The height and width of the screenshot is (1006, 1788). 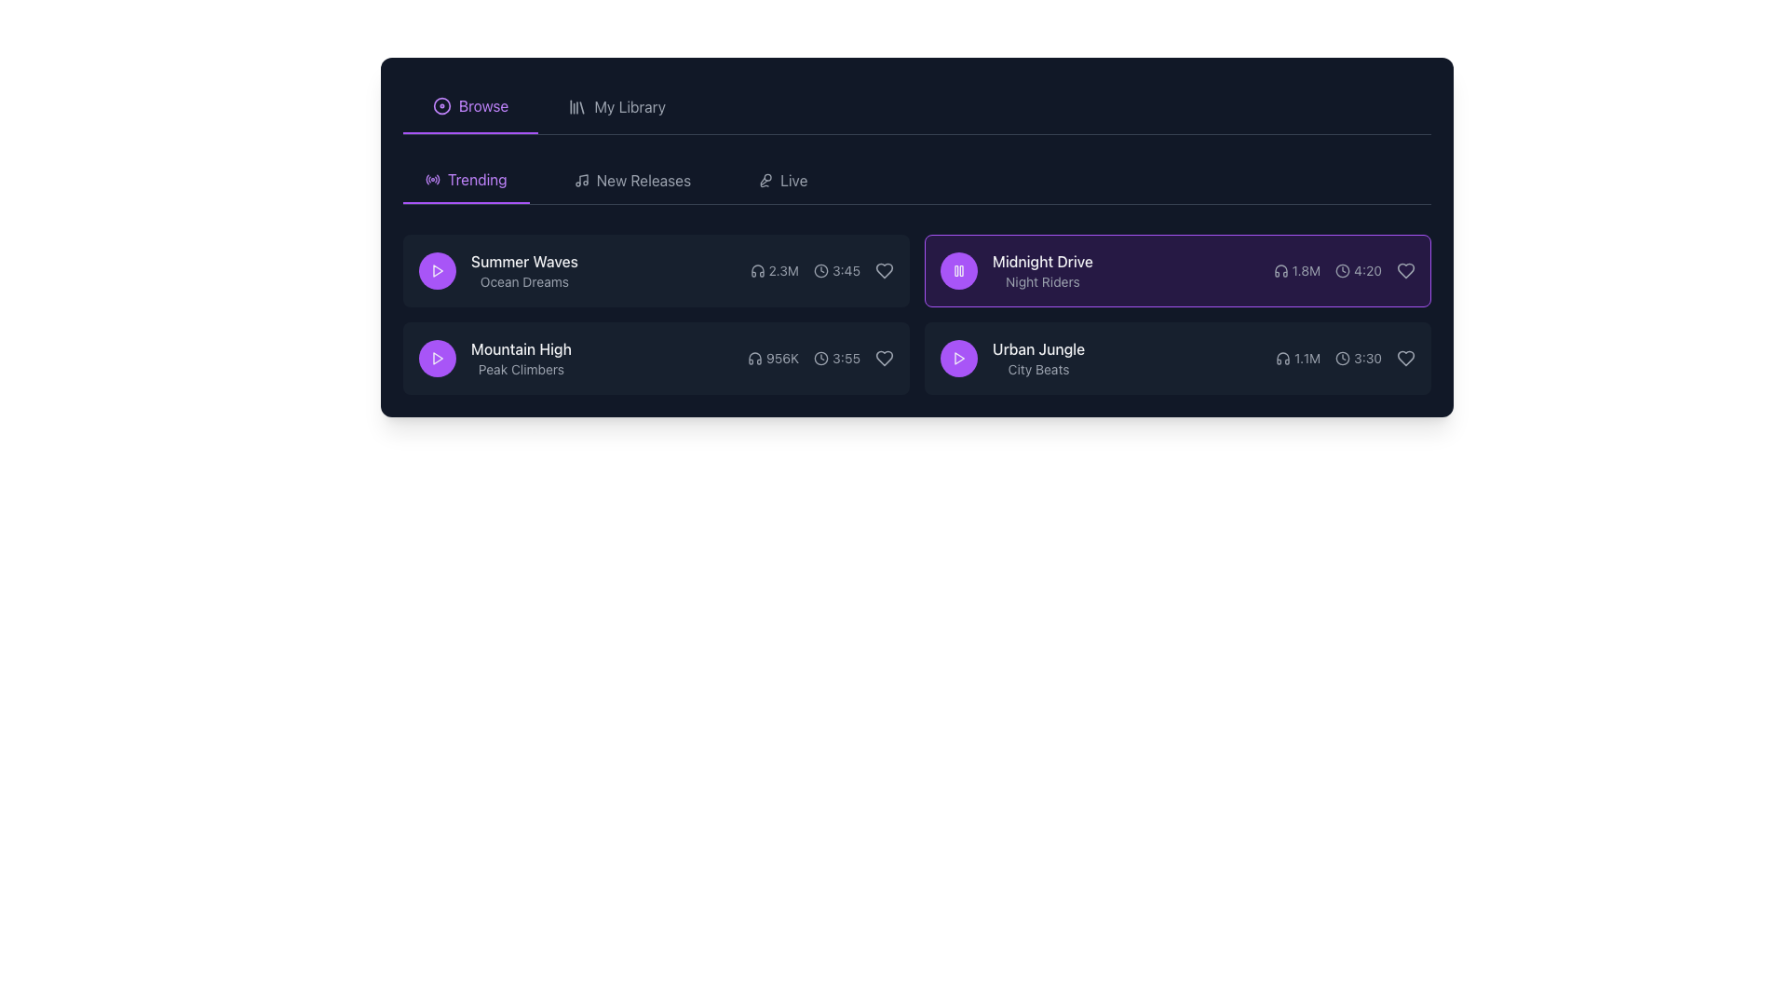 What do you see at coordinates (820, 270) in the screenshot?
I see `the circular icon representing a clock face located to the left of the song 'Midnight Drive' and its duration` at bounding box center [820, 270].